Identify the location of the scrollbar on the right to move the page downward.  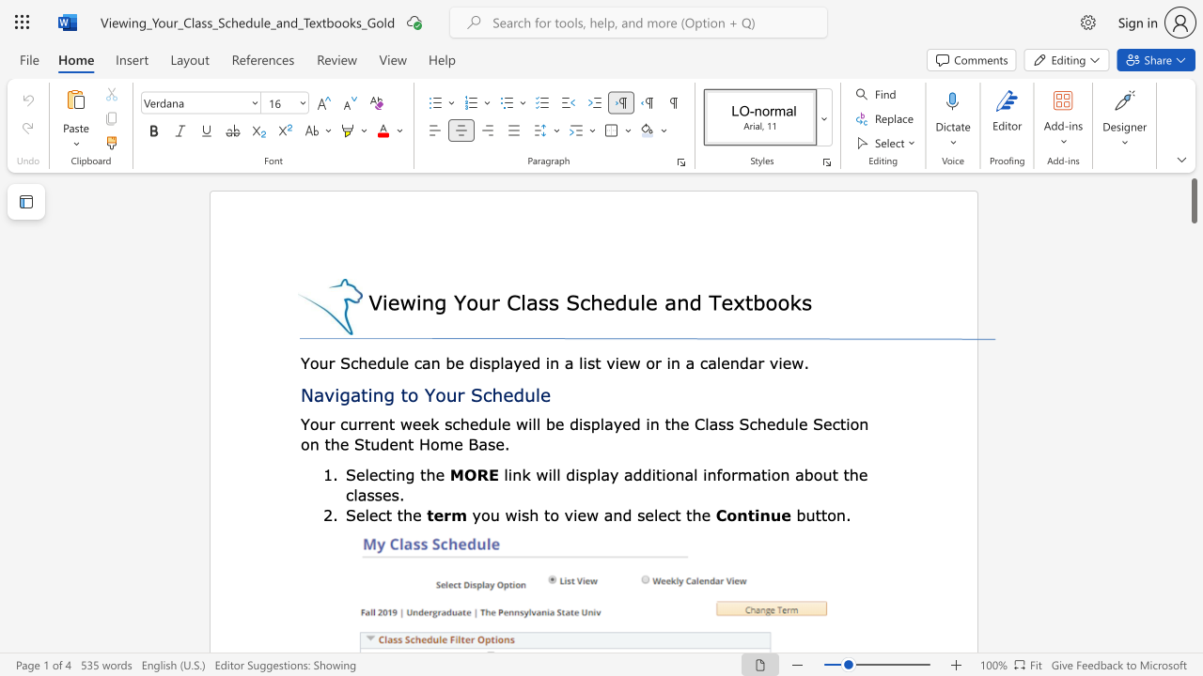
(1193, 263).